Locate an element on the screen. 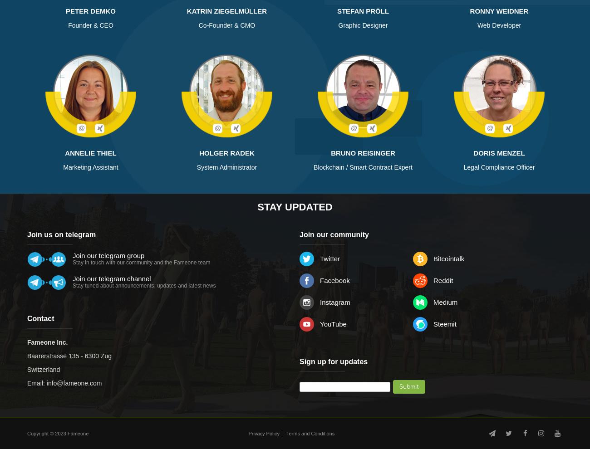 This screenshot has height=449, width=590. 'Instagram' is located at coordinates (335, 302).